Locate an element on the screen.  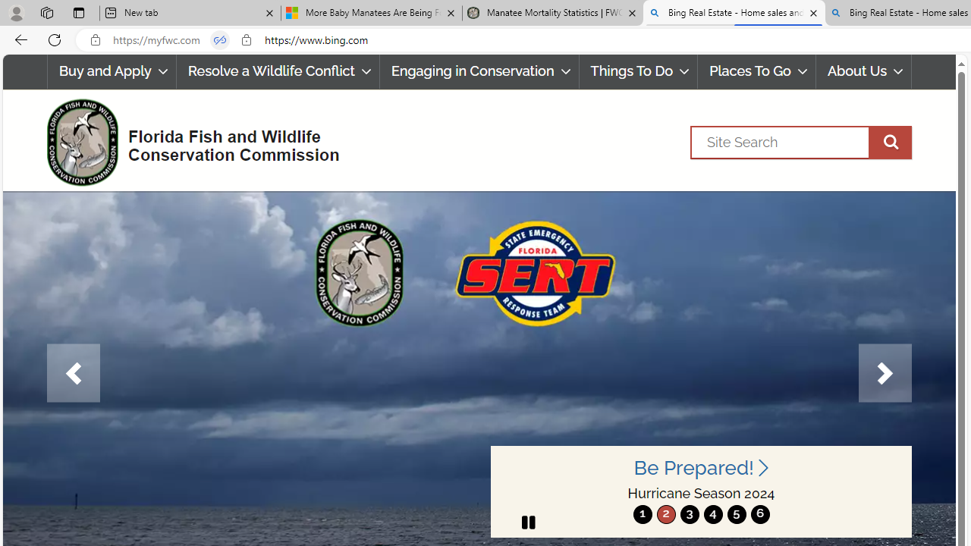
'Be Prepared! ' is located at coordinates (700, 467).